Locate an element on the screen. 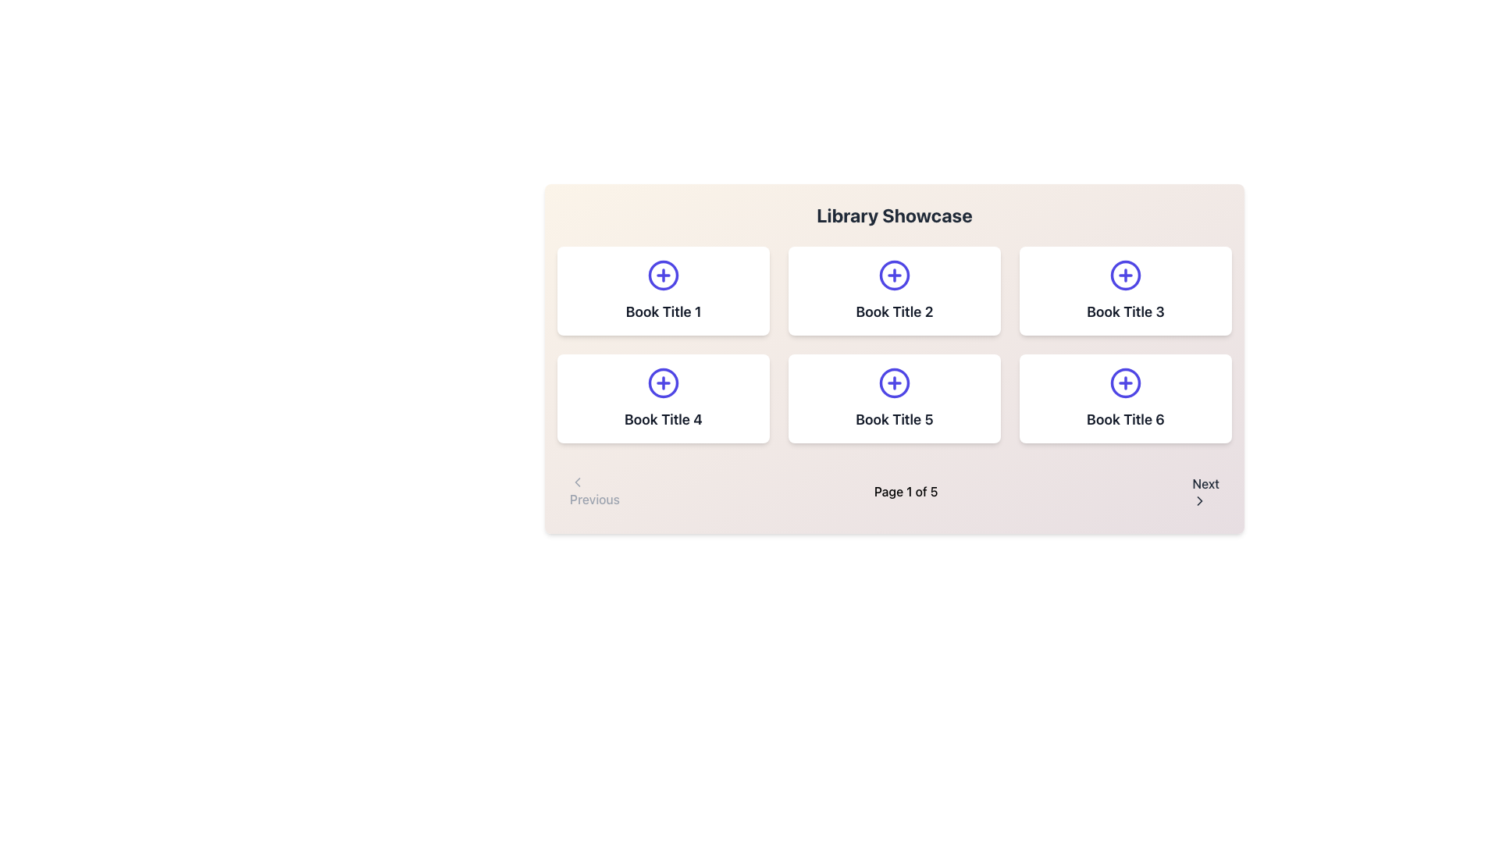 The width and height of the screenshot is (1499, 843). the text label that serves as the title of a book in the 'Library Showcase' interface for copying is located at coordinates (663, 312).